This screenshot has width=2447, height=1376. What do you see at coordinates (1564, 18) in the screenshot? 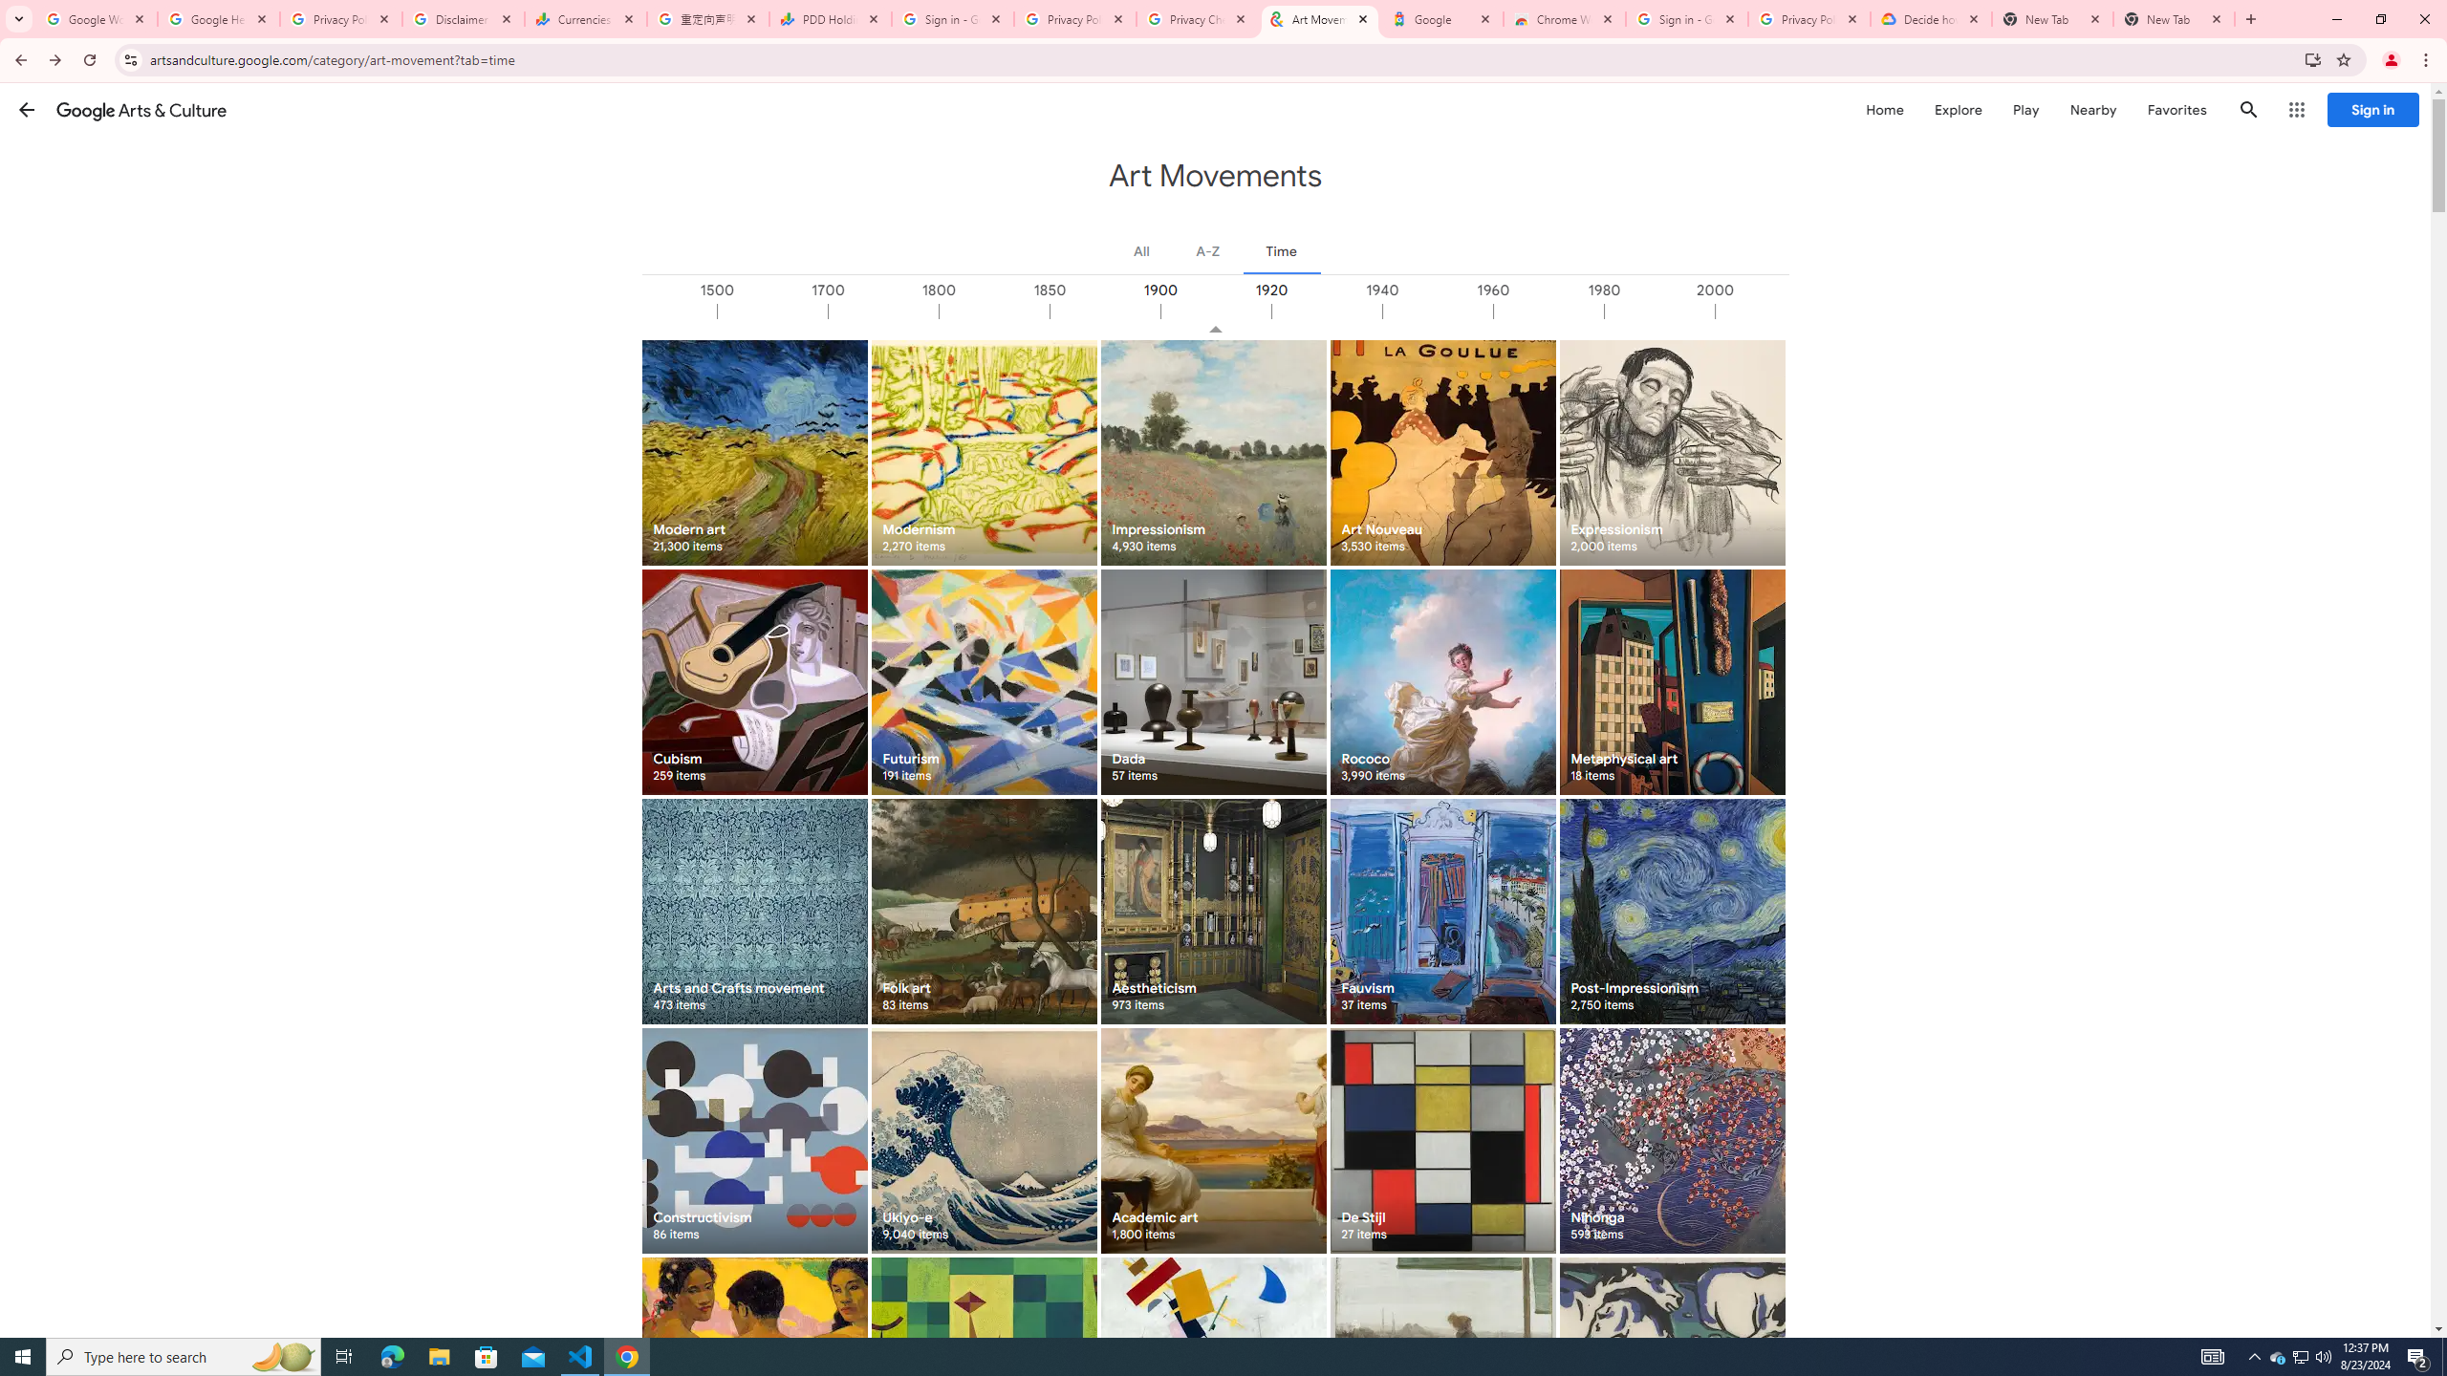
I see `'Chrome Web Store - Color themes by Chrome'` at bounding box center [1564, 18].